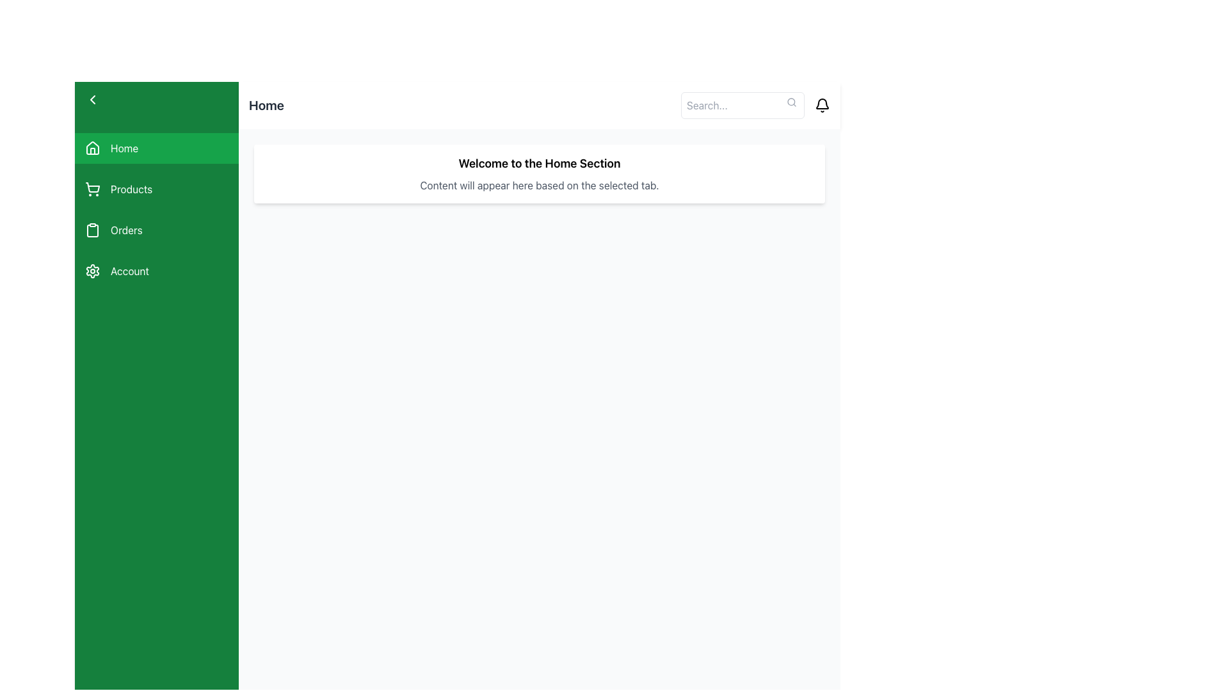  Describe the element at coordinates (92, 99) in the screenshot. I see `the left-pointing chevron arrow icon, which is styled in white stroke lines on a green background, located at the top-left corner of the interface` at that location.